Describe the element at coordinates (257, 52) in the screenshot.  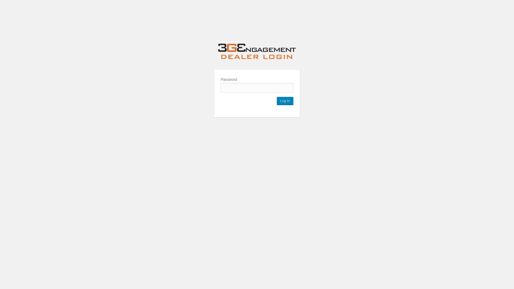
I see `'3GEngagement'` at that location.